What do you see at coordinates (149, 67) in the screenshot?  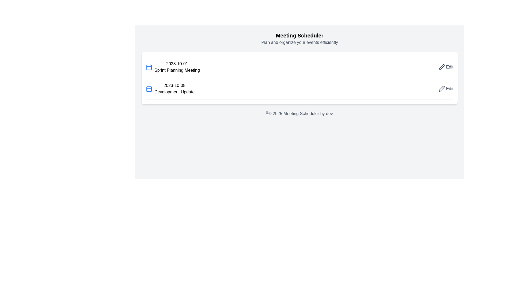 I see `the calendar icon representing the meeting 'Sprint Planning Meeting' scheduled for '2023-10-01', located to the far left of the meeting text` at bounding box center [149, 67].